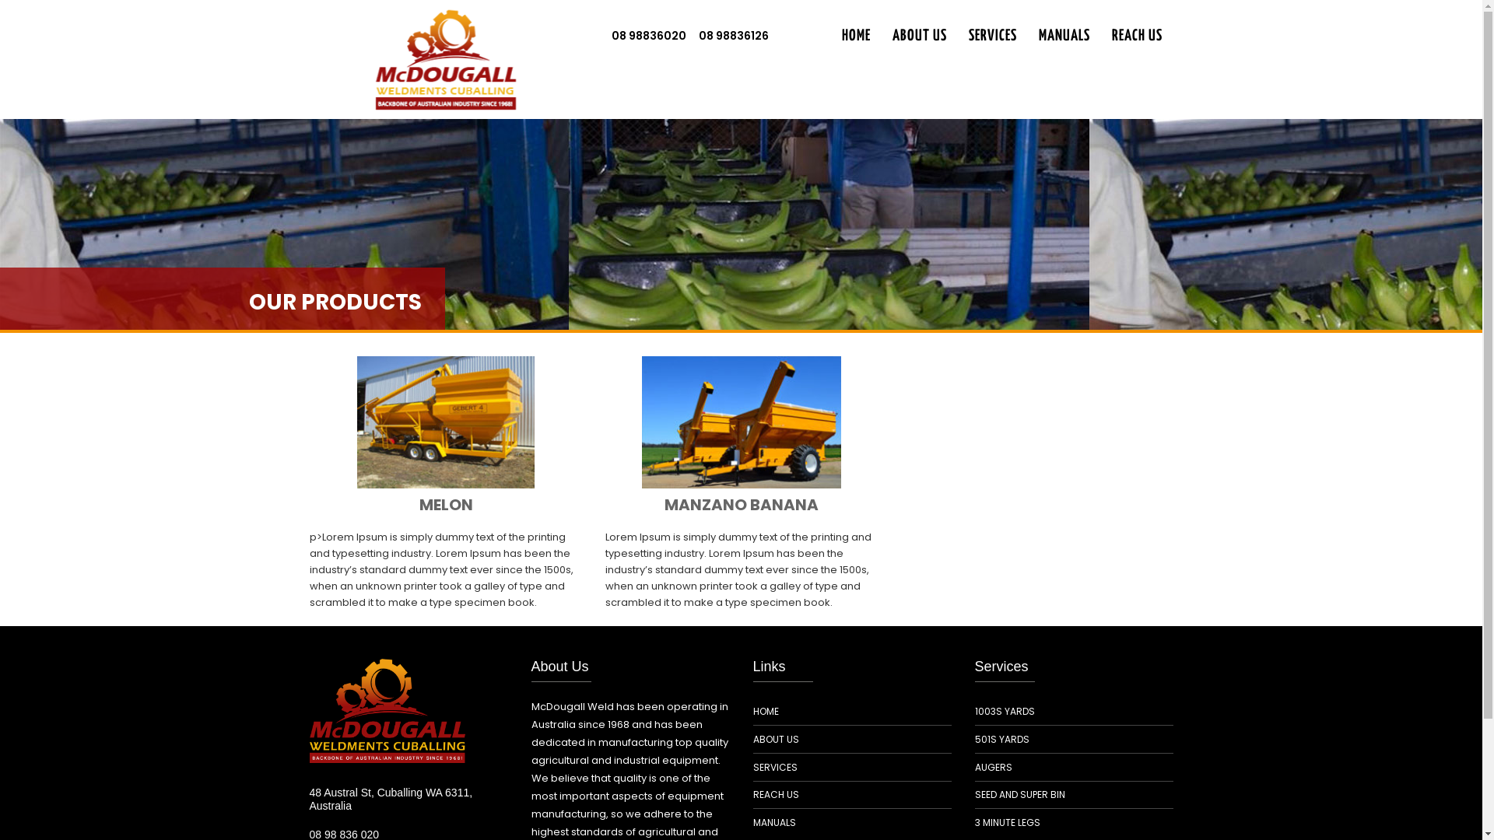 This screenshot has height=840, width=1494. What do you see at coordinates (992, 766) in the screenshot?
I see `'AUGERS'` at bounding box center [992, 766].